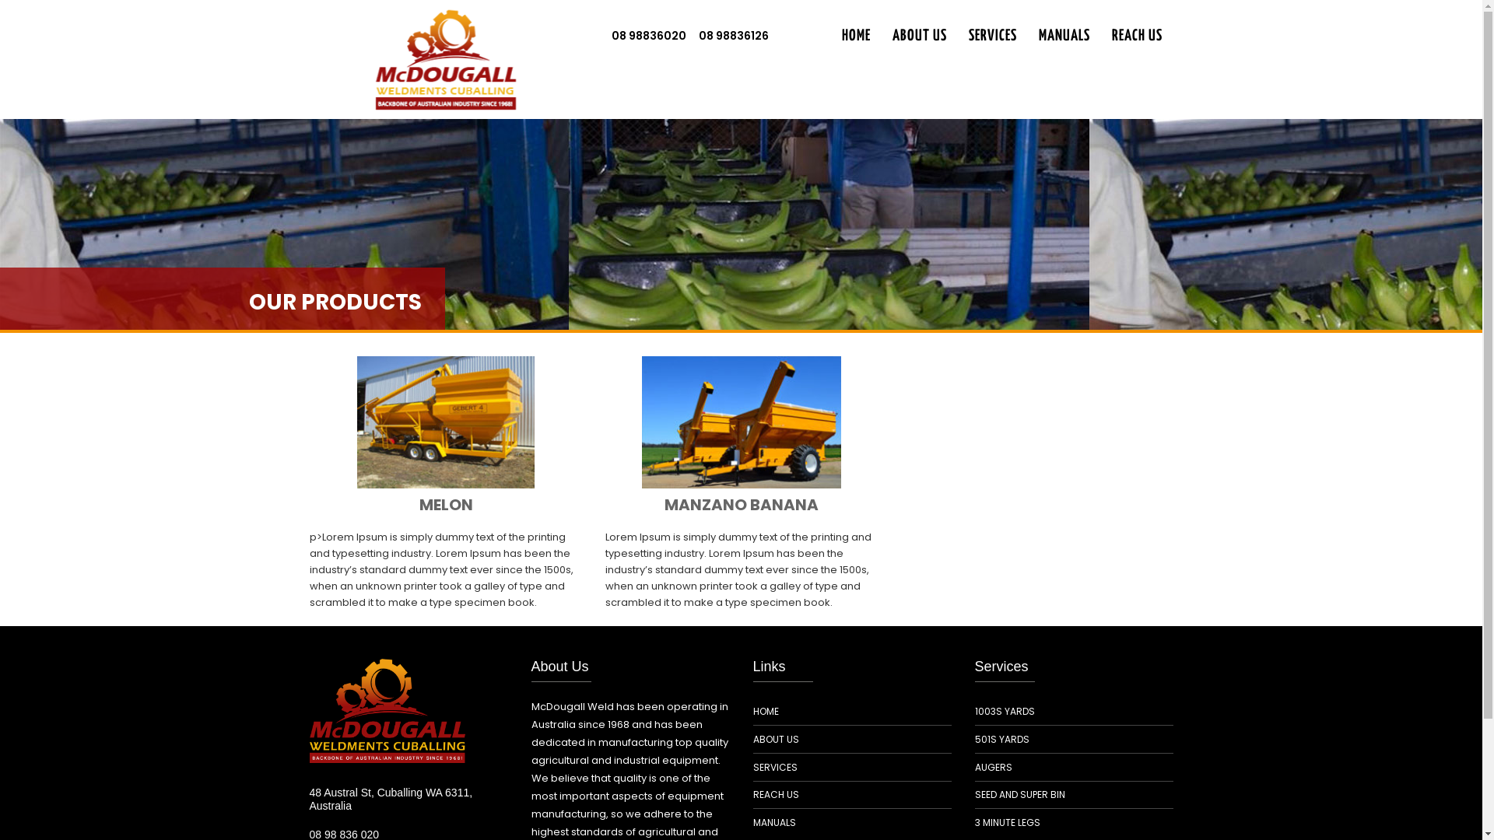 This screenshot has height=840, width=1494. What do you see at coordinates (992, 766) in the screenshot?
I see `'AUGERS'` at bounding box center [992, 766].